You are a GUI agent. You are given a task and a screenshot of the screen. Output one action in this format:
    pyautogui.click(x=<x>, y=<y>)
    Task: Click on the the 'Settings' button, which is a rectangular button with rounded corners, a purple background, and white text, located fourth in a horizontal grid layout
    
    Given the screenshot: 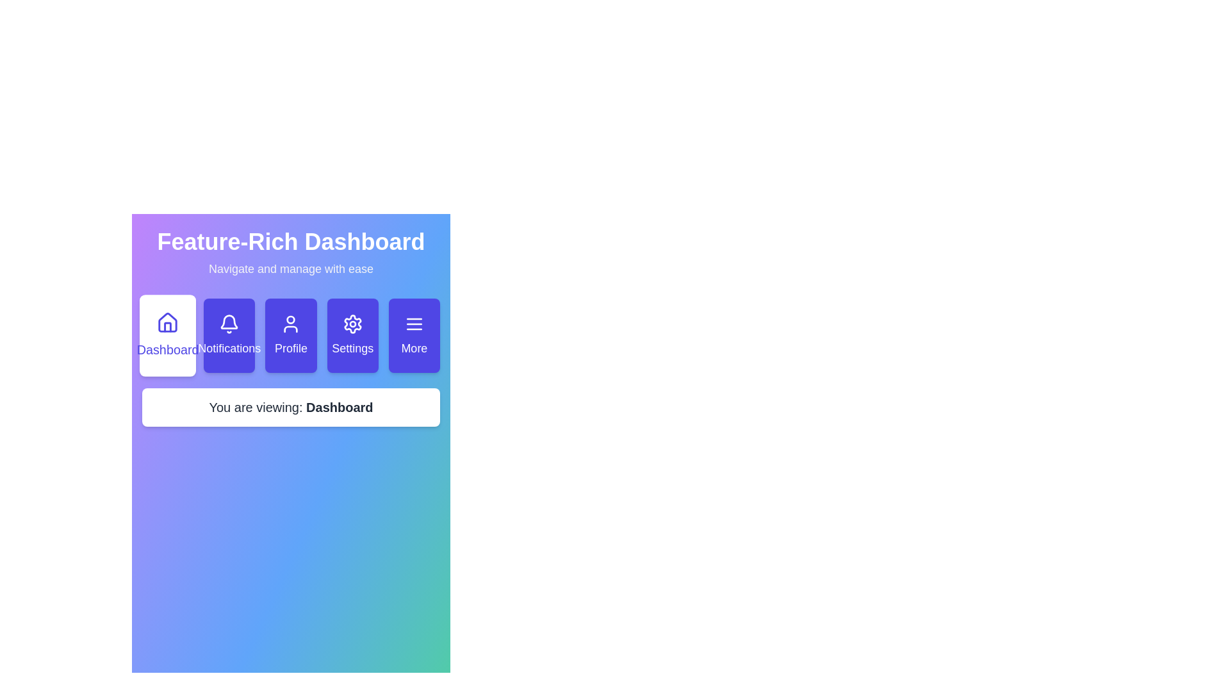 What is the action you would take?
    pyautogui.click(x=352, y=335)
    